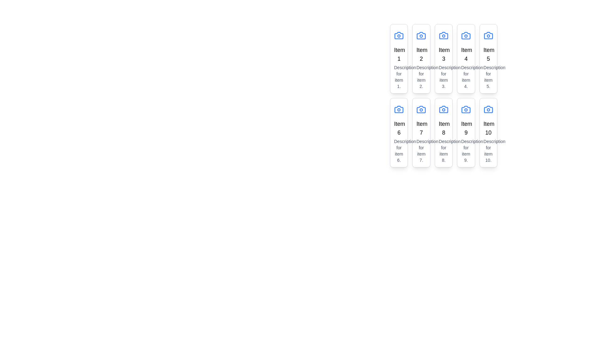  What do you see at coordinates (488, 54) in the screenshot?
I see `the text label that serves as the heading for 'Item 5', which is centrally located in its card structure, positioned below an icon and above description text` at bounding box center [488, 54].